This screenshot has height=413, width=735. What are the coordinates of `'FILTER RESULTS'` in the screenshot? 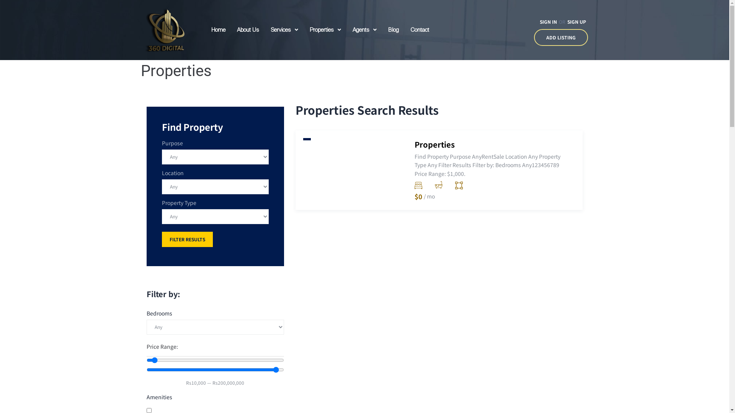 It's located at (187, 239).